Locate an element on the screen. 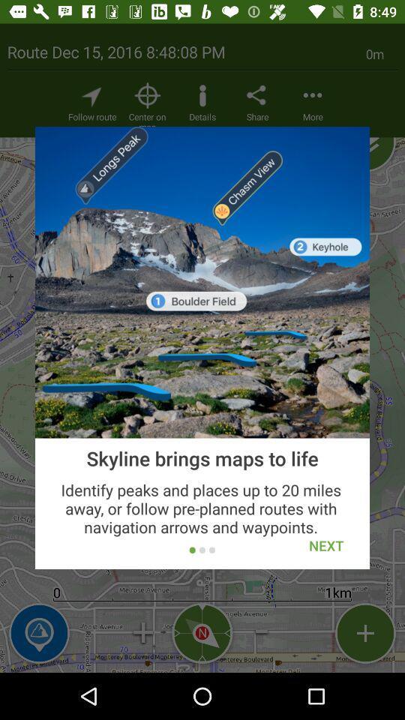  item at the bottom right corner is located at coordinates (325, 544).